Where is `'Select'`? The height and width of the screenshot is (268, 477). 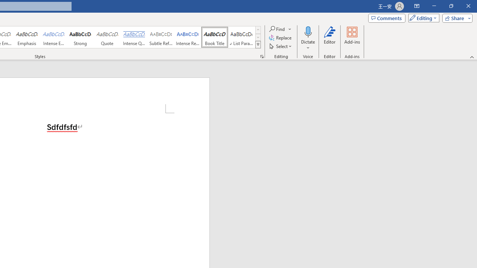
'Select' is located at coordinates (281, 46).